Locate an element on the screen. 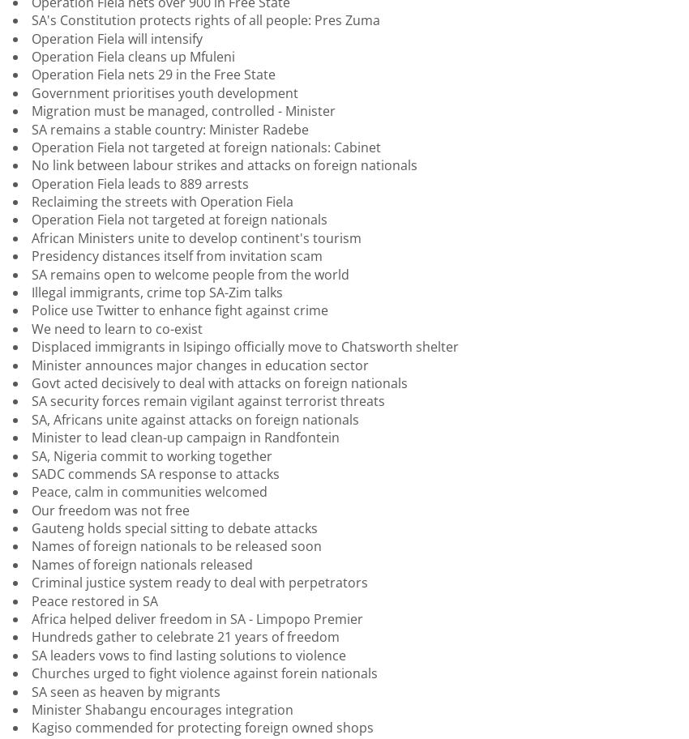 The height and width of the screenshot is (739, 689). 'SADC commends SA response to attacks' is located at coordinates (155, 472).